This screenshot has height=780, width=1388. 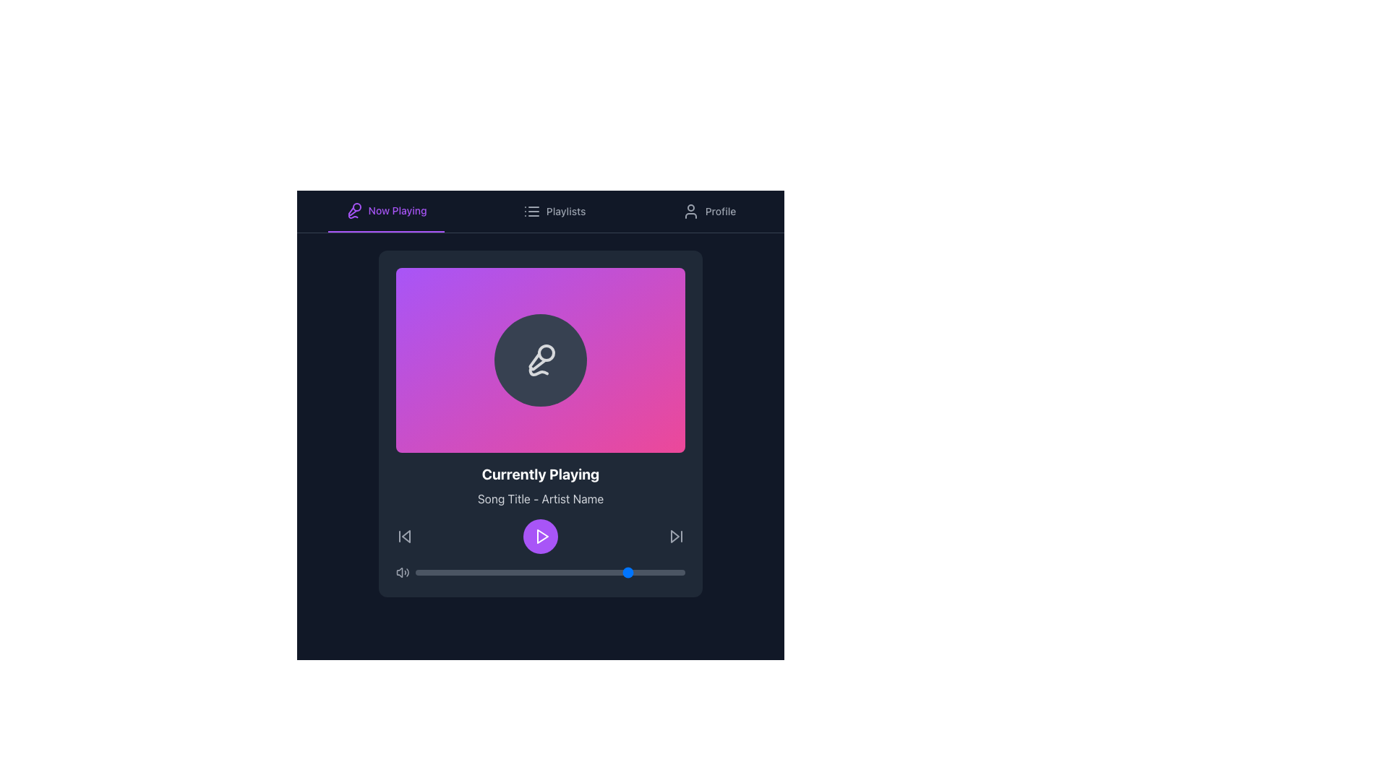 What do you see at coordinates (565, 212) in the screenshot?
I see `the 'Playlists' text label/button in the horizontal navigation bar` at bounding box center [565, 212].